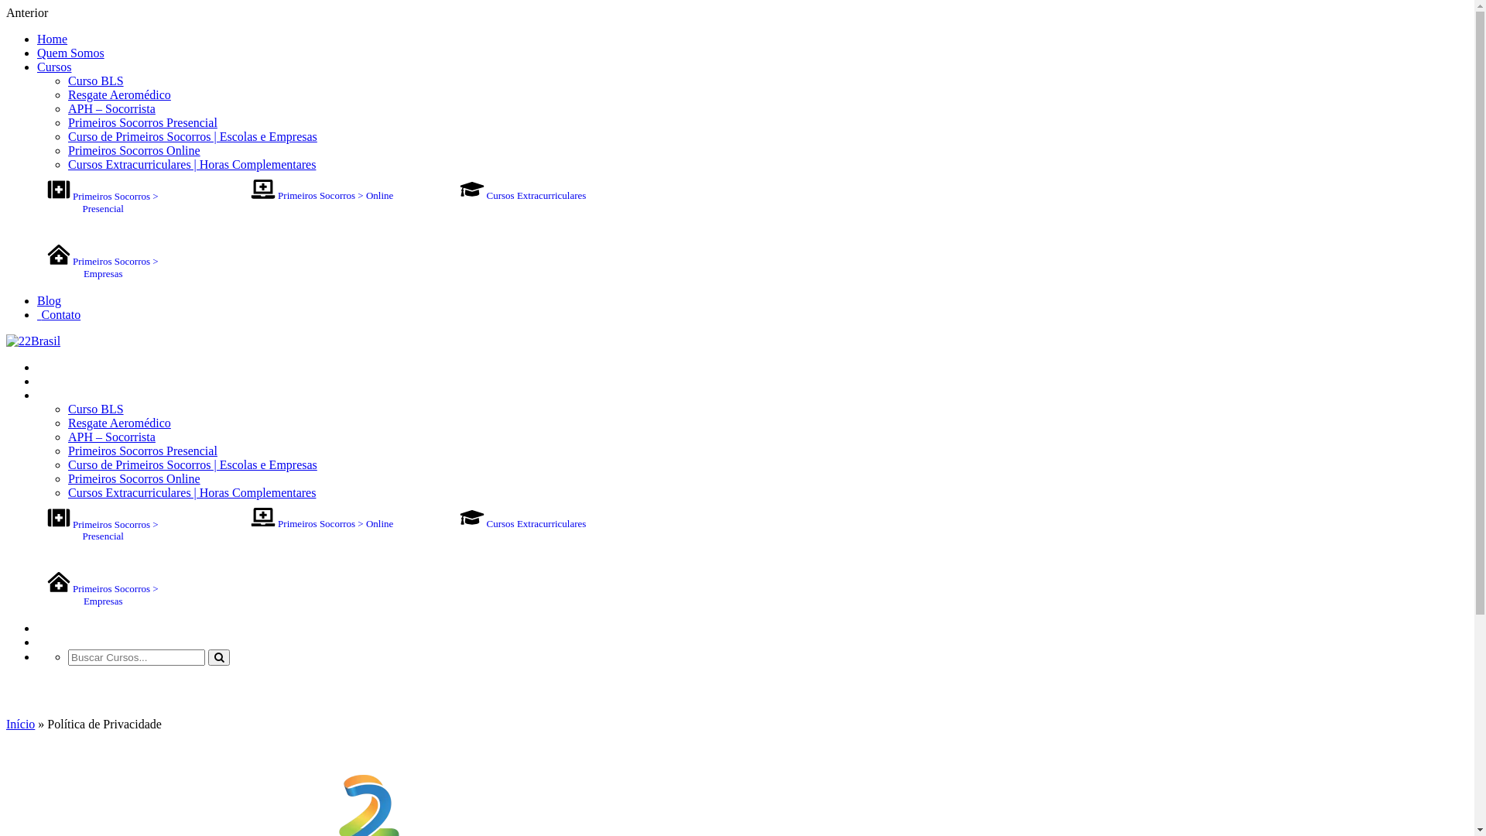 This screenshot has width=1486, height=836. I want to click on 'Curso BLS', so click(95, 81).